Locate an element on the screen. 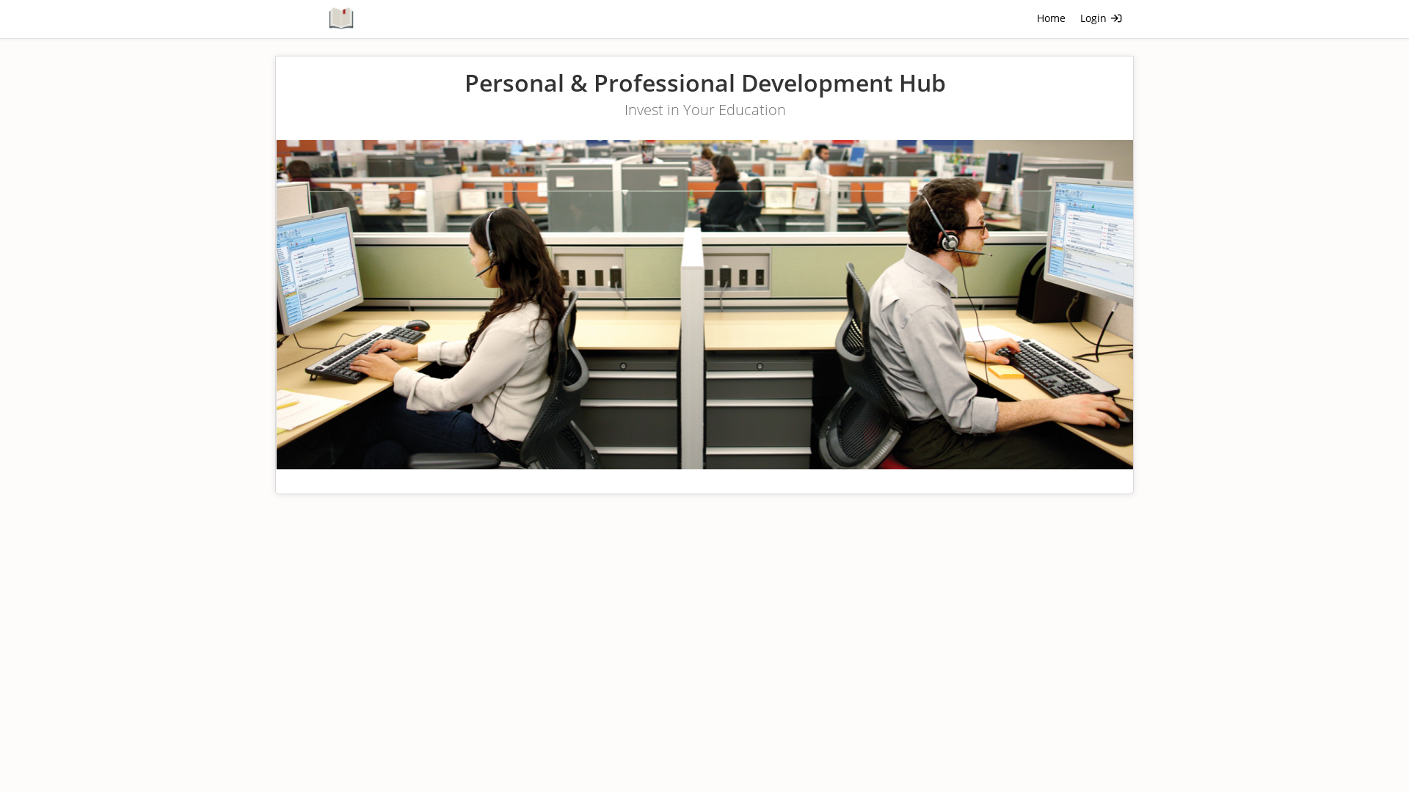 Image resolution: width=1409 pixels, height=792 pixels. 'Home' is located at coordinates (1050, 18).